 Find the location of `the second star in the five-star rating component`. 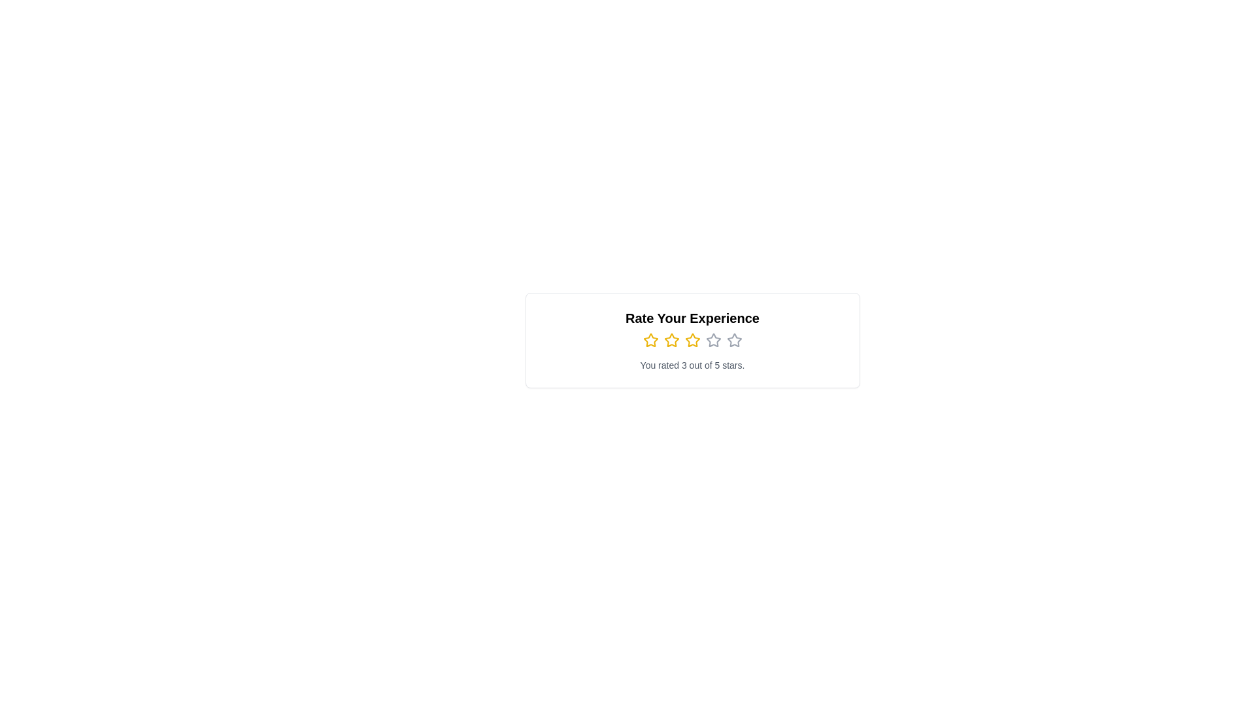

the second star in the five-star rating component is located at coordinates (671, 339).